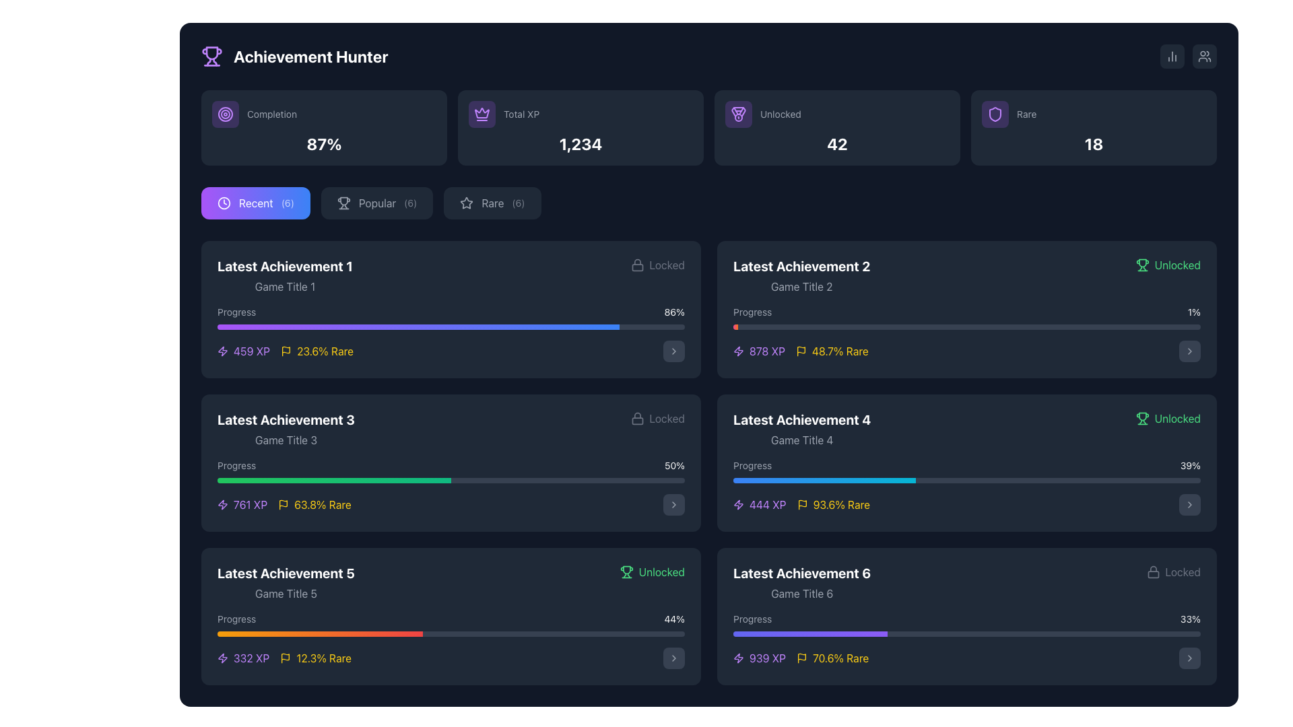 This screenshot has width=1293, height=727. What do you see at coordinates (738, 113) in the screenshot?
I see `the icon representing 'Unlocked achievements' located next to the 'Unlocked' label with the count '42'` at bounding box center [738, 113].